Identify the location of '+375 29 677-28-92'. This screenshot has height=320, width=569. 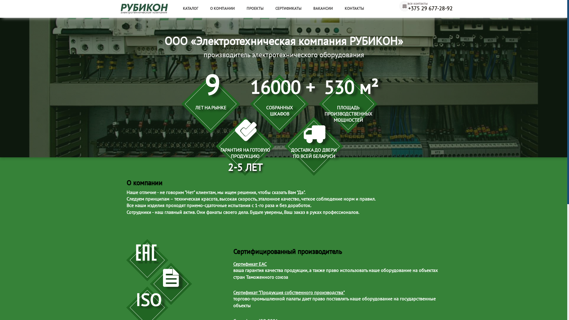
(425, 9).